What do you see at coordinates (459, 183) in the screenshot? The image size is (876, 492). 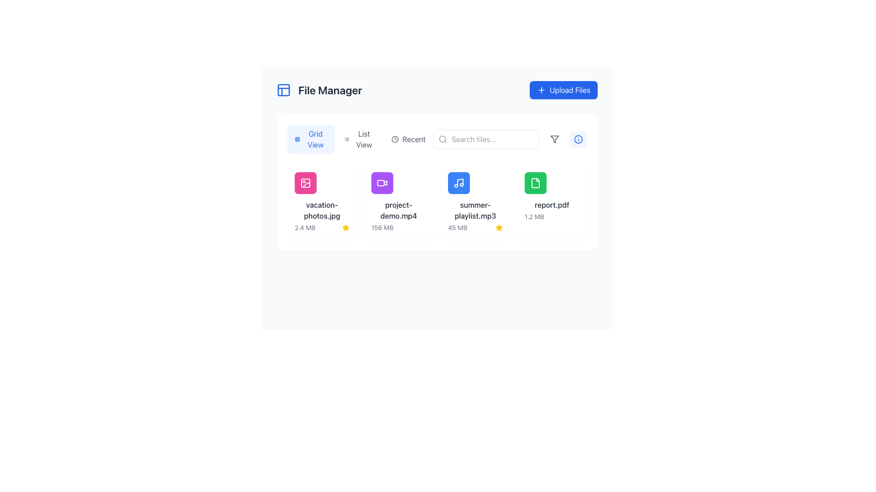 I see `the square icon with a blue background and rounded corners that features a white music note symbol in its center` at bounding box center [459, 183].